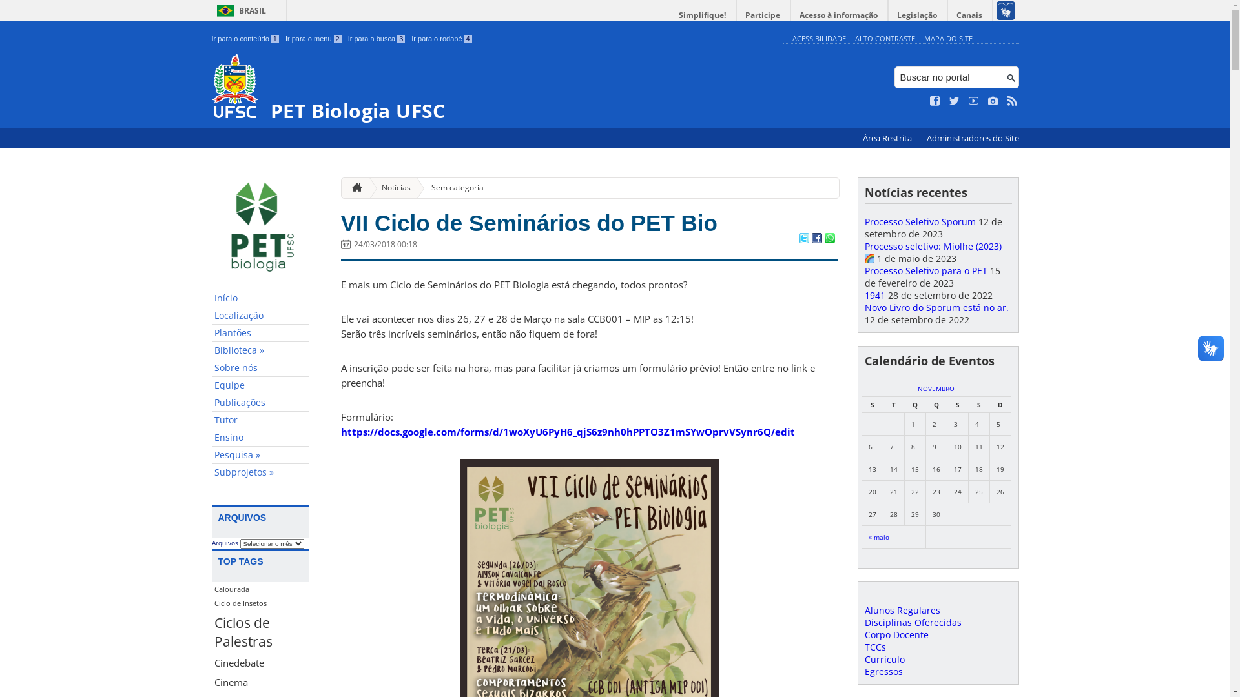 The height and width of the screenshot is (697, 1240). I want to click on 'Egressos', so click(882, 671).